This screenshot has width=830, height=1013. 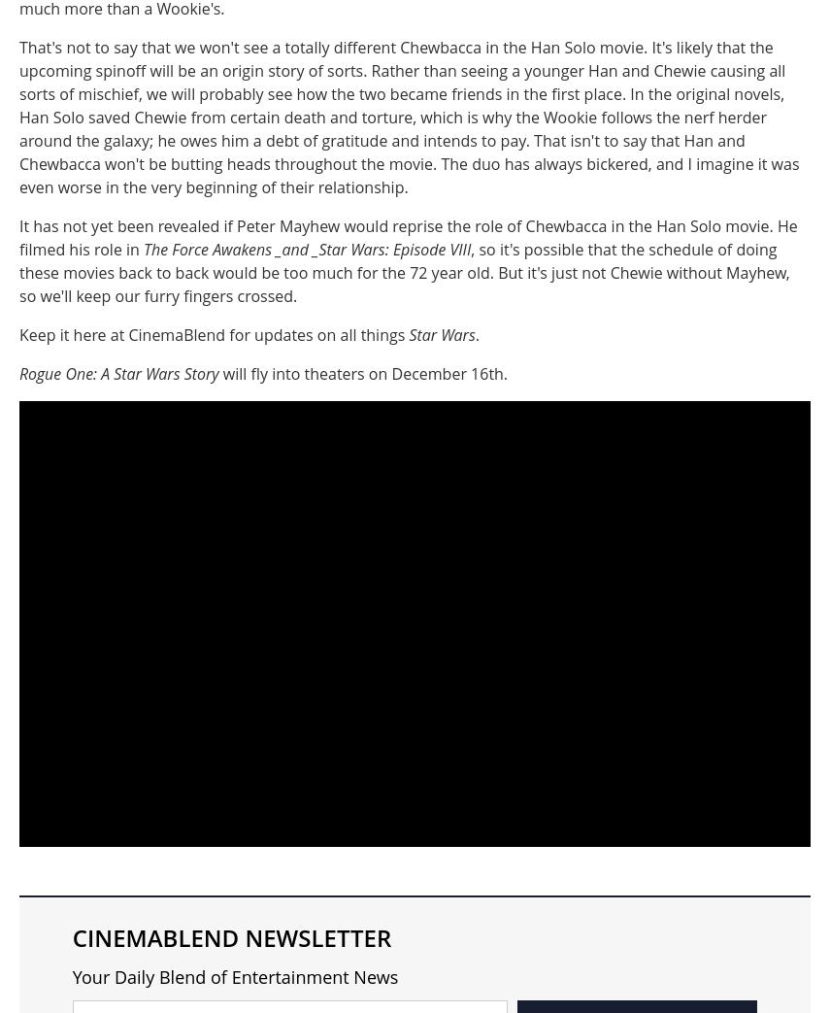 I want to click on 'CINEMABLEND NEWSLETTER', so click(x=230, y=935).